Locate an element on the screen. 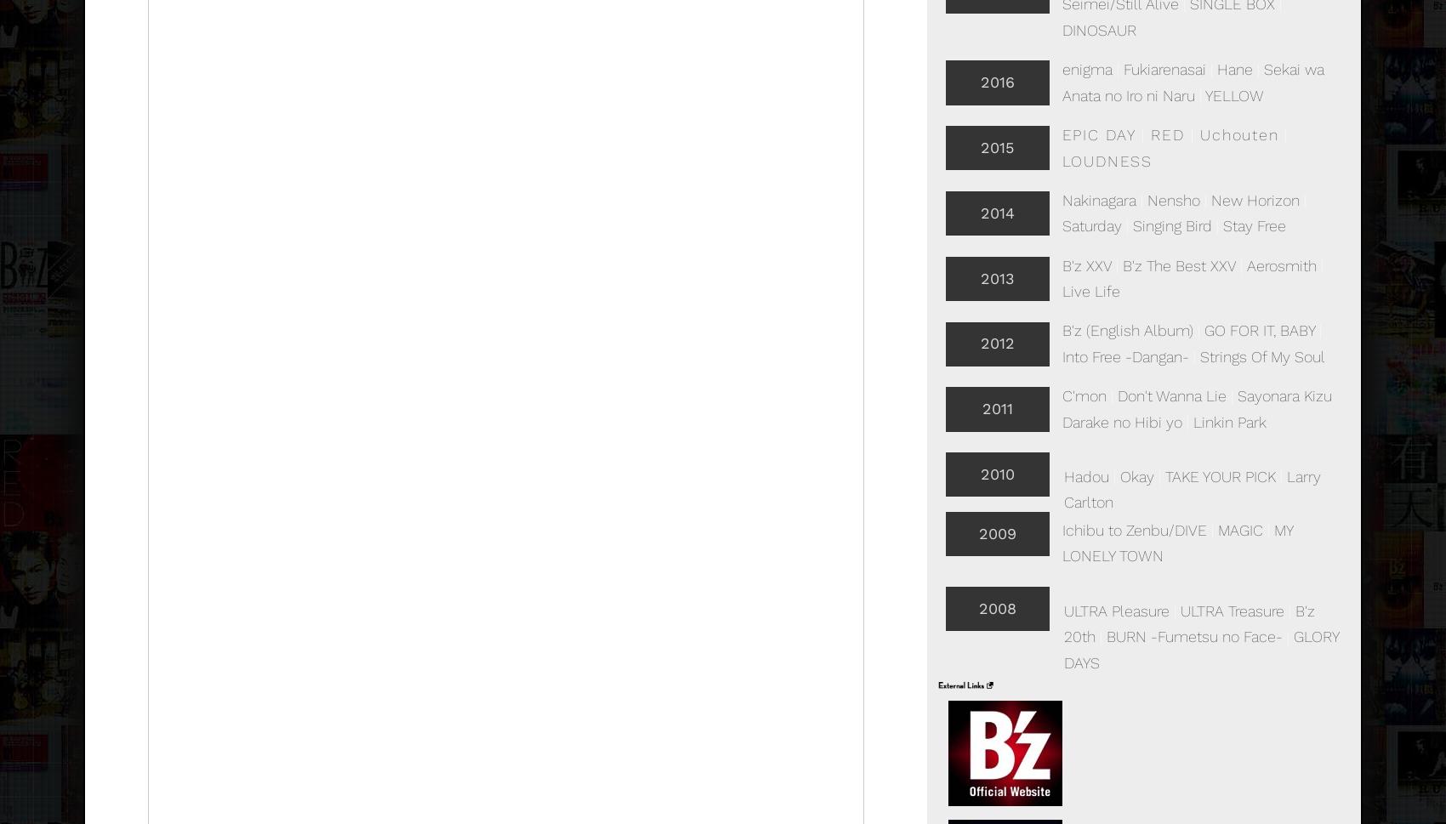  'Hadou' is located at coordinates (1086, 475).